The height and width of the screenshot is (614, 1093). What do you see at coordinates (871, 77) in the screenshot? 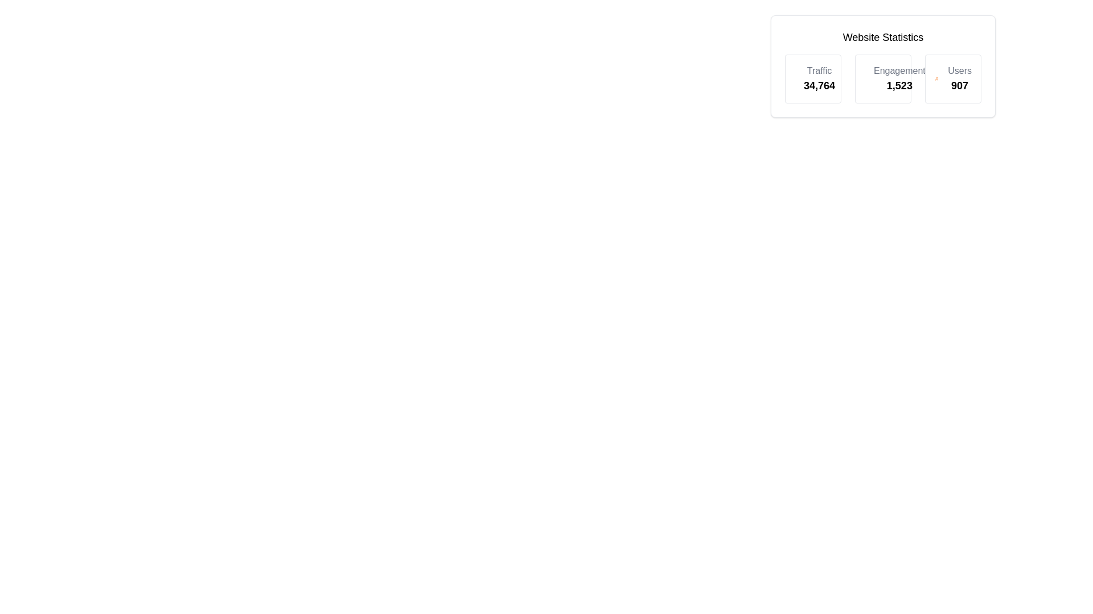
I see `the decorative Circle element within the SVG graphic that enhances the UI of the 'Engagement' statistic card in the 'Website Statistics' section` at bounding box center [871, 77].